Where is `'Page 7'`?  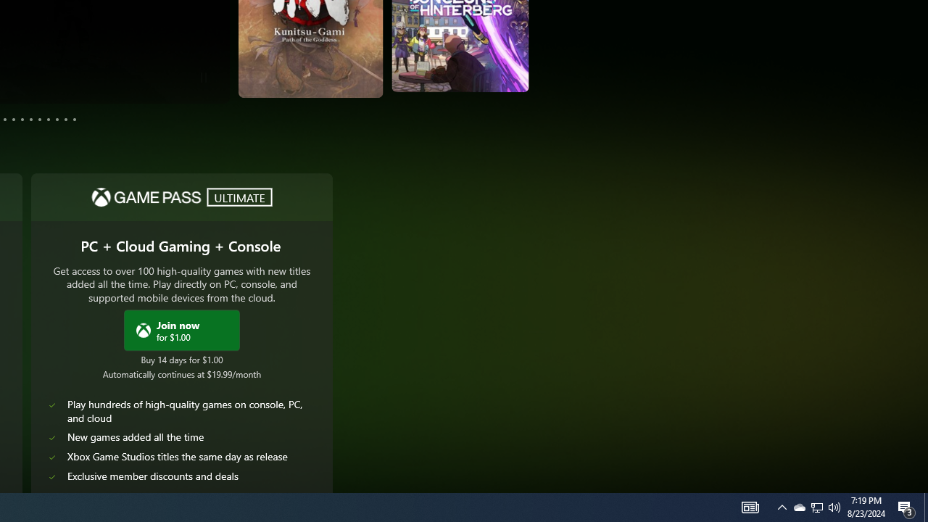
'Page 7' is located at coordinates (30, 118).